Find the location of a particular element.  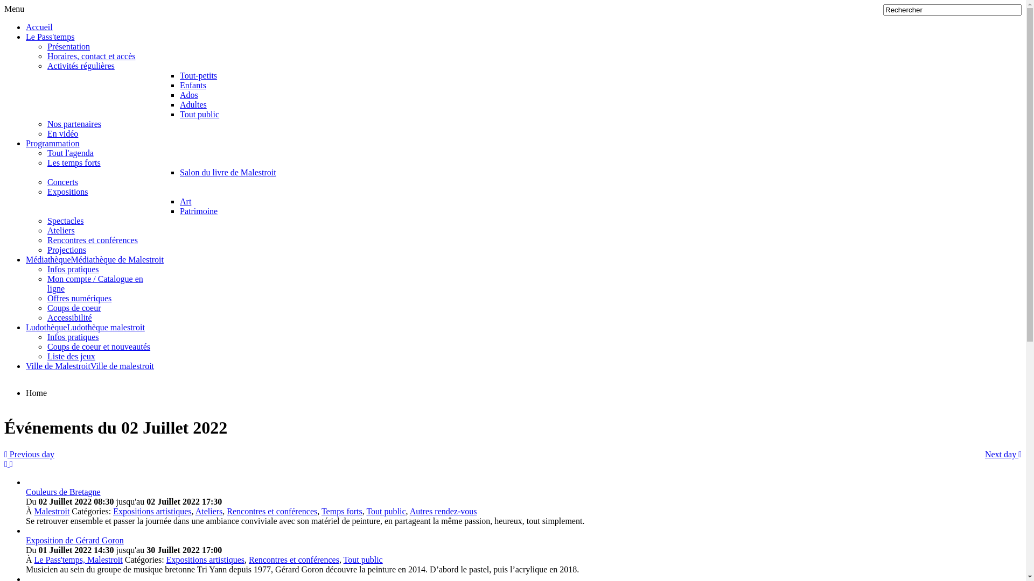

'Previous day' is located at coordinates (4, 454).